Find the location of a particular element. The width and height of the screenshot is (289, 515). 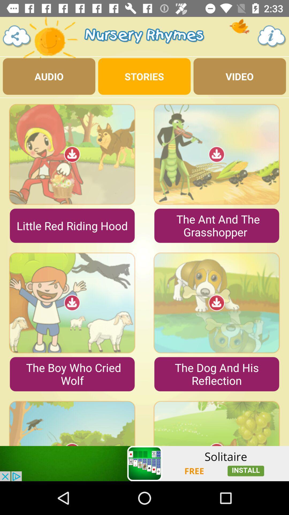

the share icon is located at coordinates (17, 36).